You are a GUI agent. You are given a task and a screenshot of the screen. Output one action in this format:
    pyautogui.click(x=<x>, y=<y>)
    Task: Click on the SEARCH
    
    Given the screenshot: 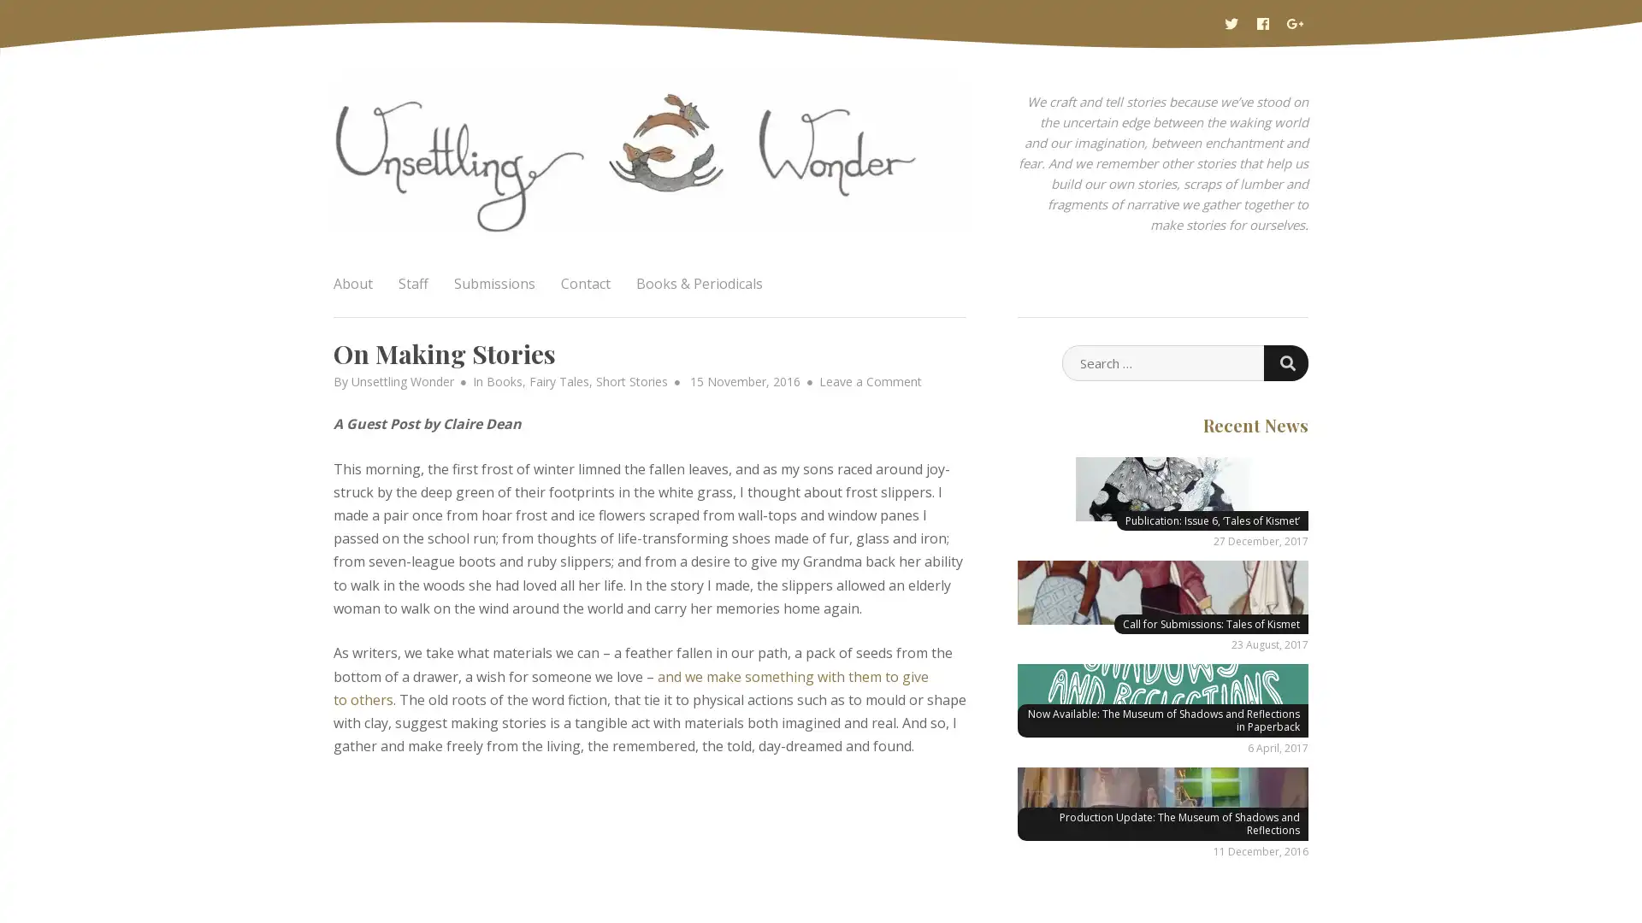 What is the action you would take?
    pyautogui.click(x=1285, y=362)
    